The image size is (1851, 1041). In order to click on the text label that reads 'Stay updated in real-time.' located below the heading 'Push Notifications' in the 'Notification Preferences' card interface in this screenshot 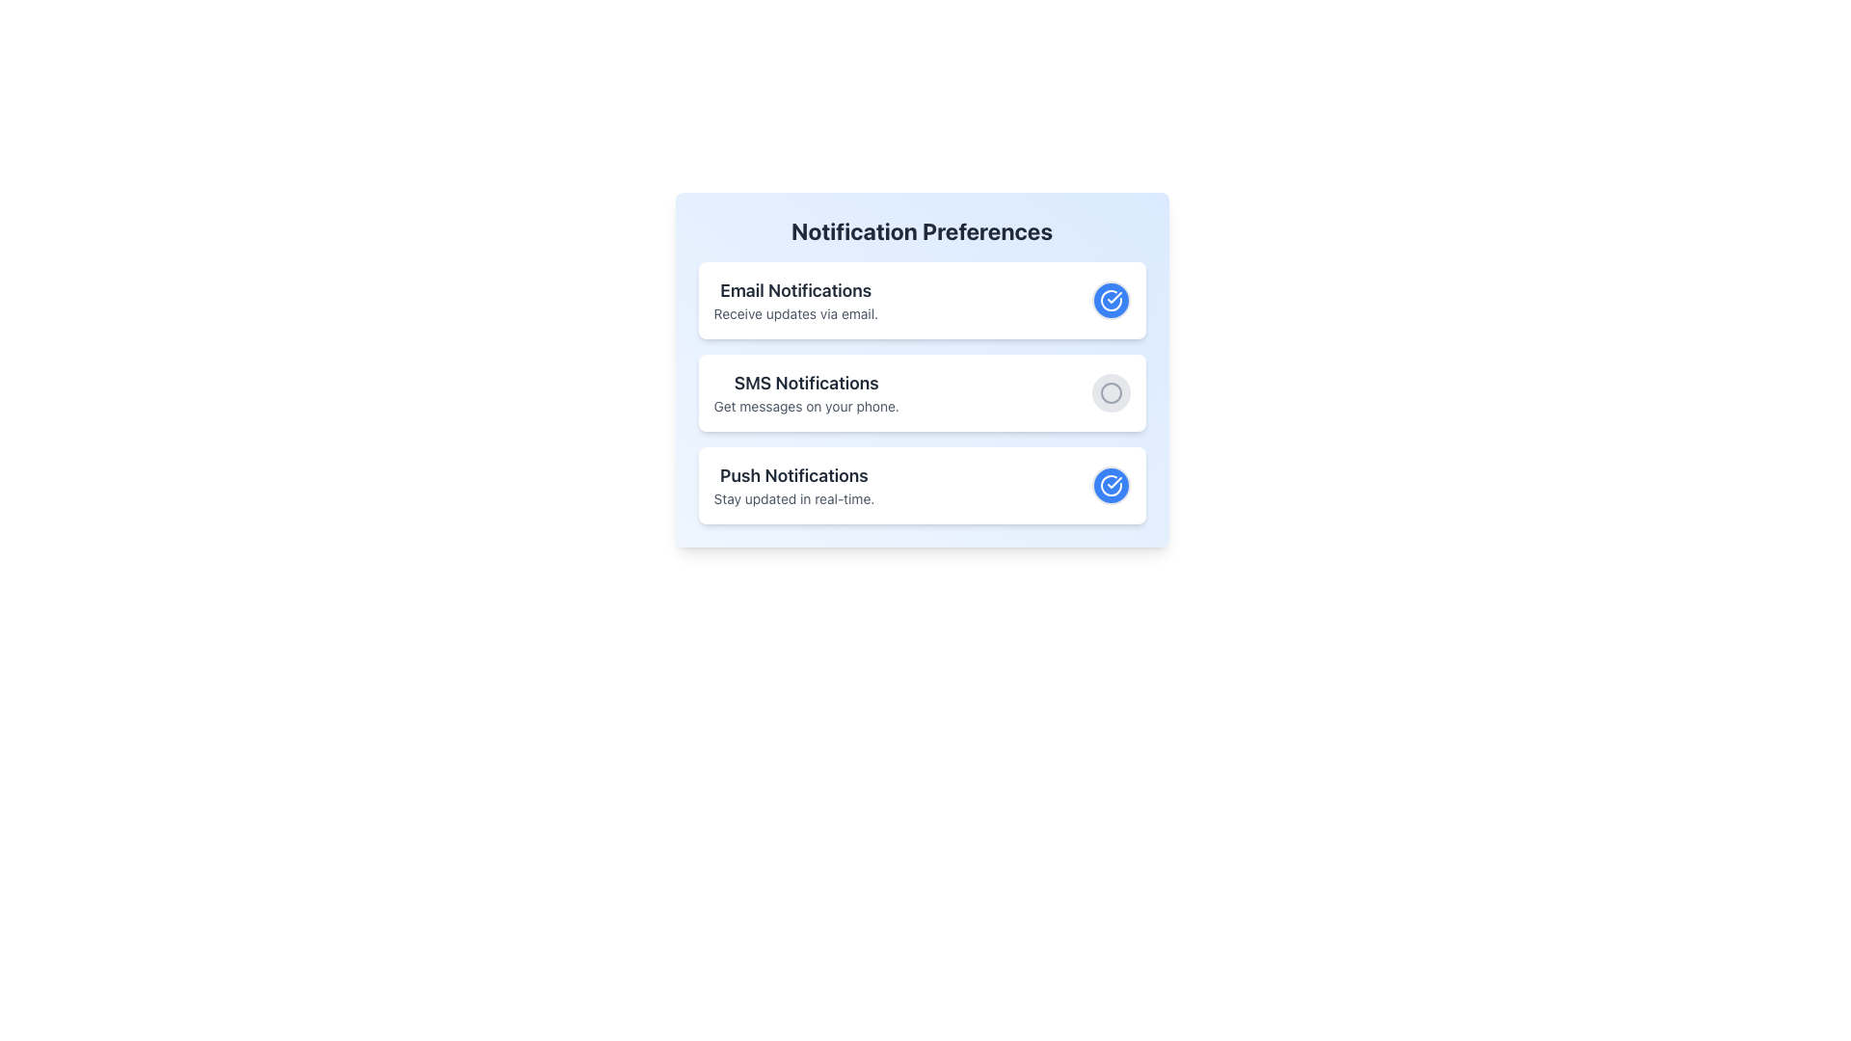, I will do `click(793, 497)`.